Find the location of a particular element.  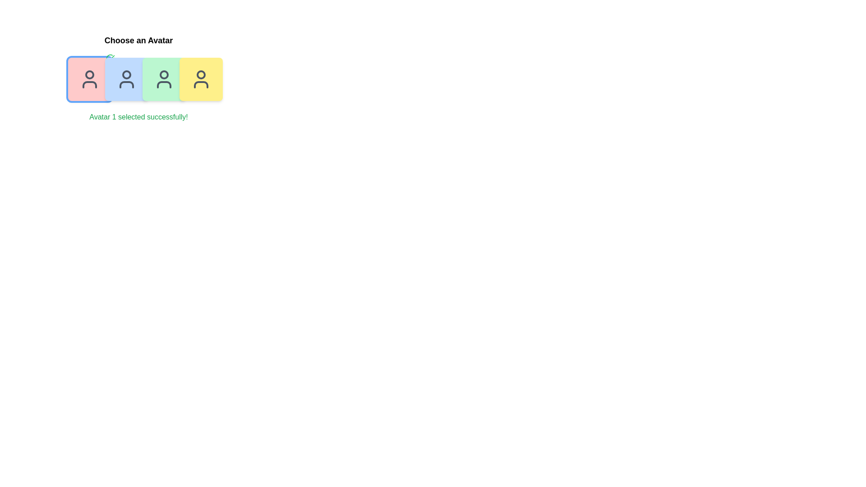

the semi-circular arc shape that represents the lower part of the user avatar icon, which is outlined in gray and positioned in the leftmost position of the horizontal row of avatars is located at coordinates (89, 85).